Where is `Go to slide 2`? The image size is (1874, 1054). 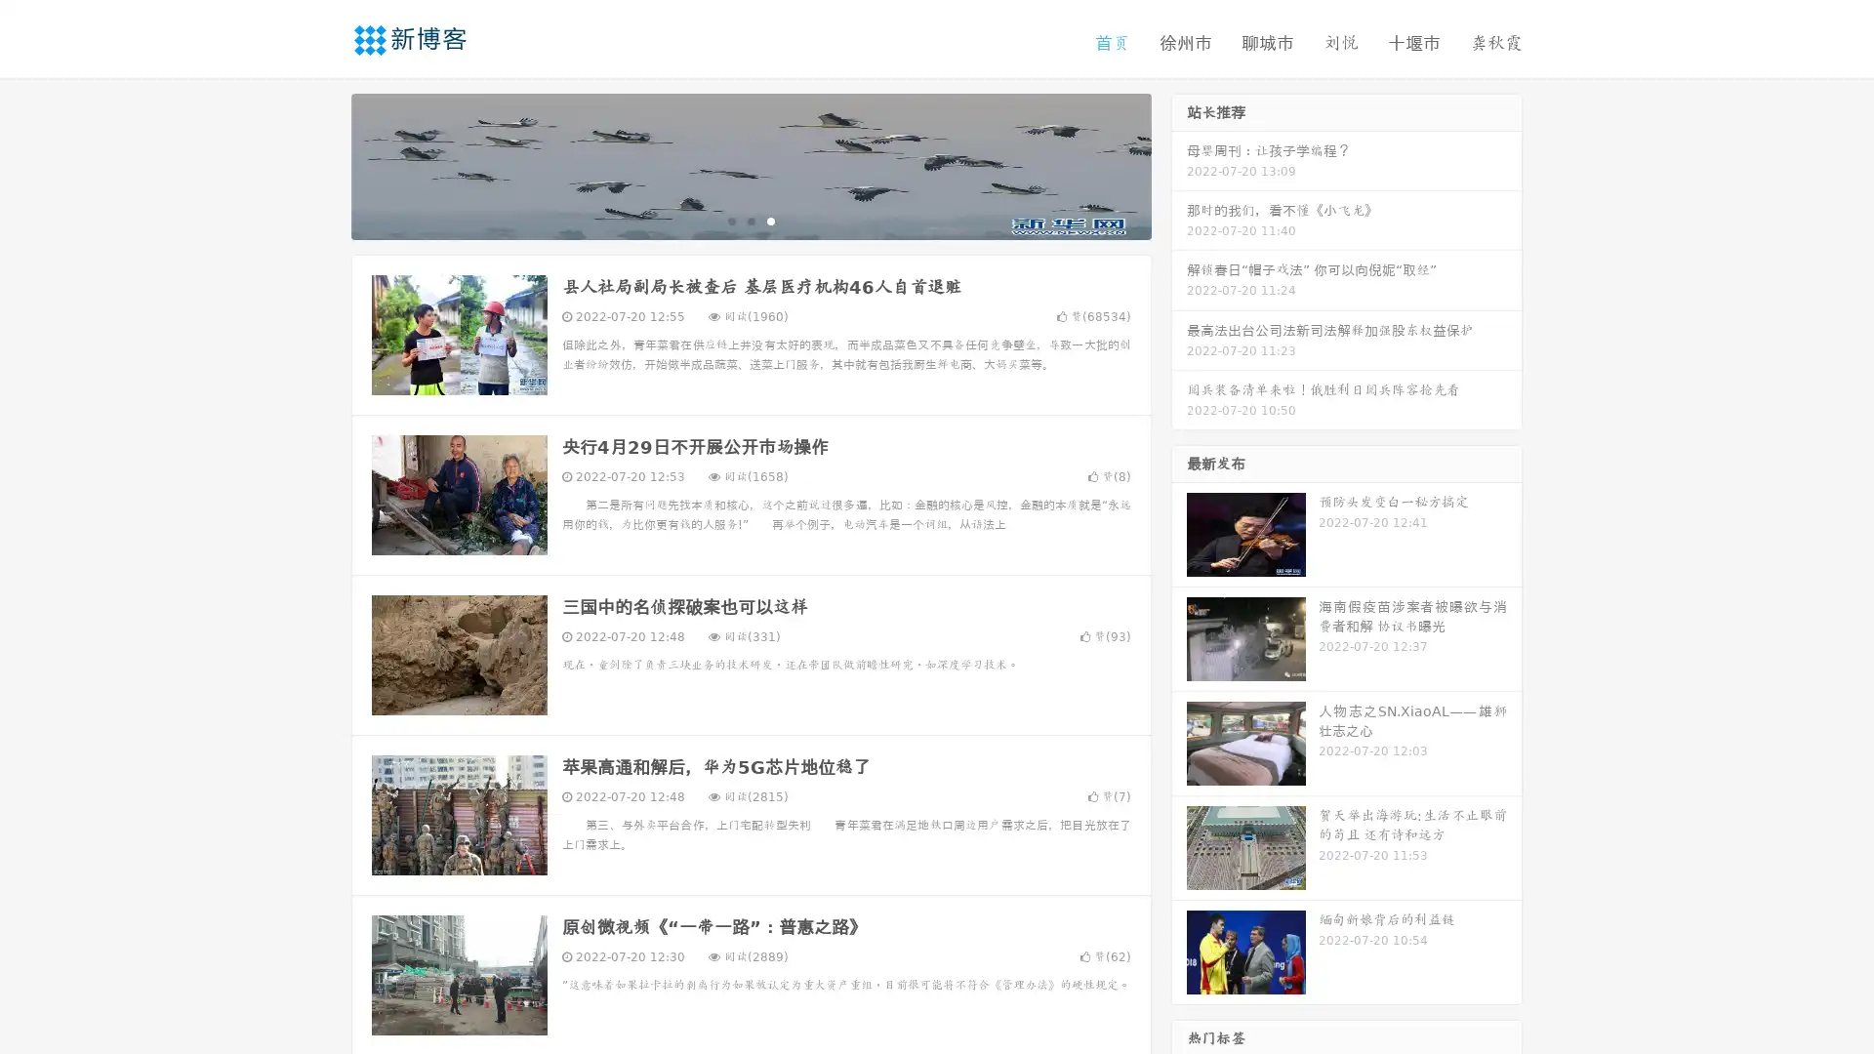
Go to slide 2 is located at coordinates (750, 220).